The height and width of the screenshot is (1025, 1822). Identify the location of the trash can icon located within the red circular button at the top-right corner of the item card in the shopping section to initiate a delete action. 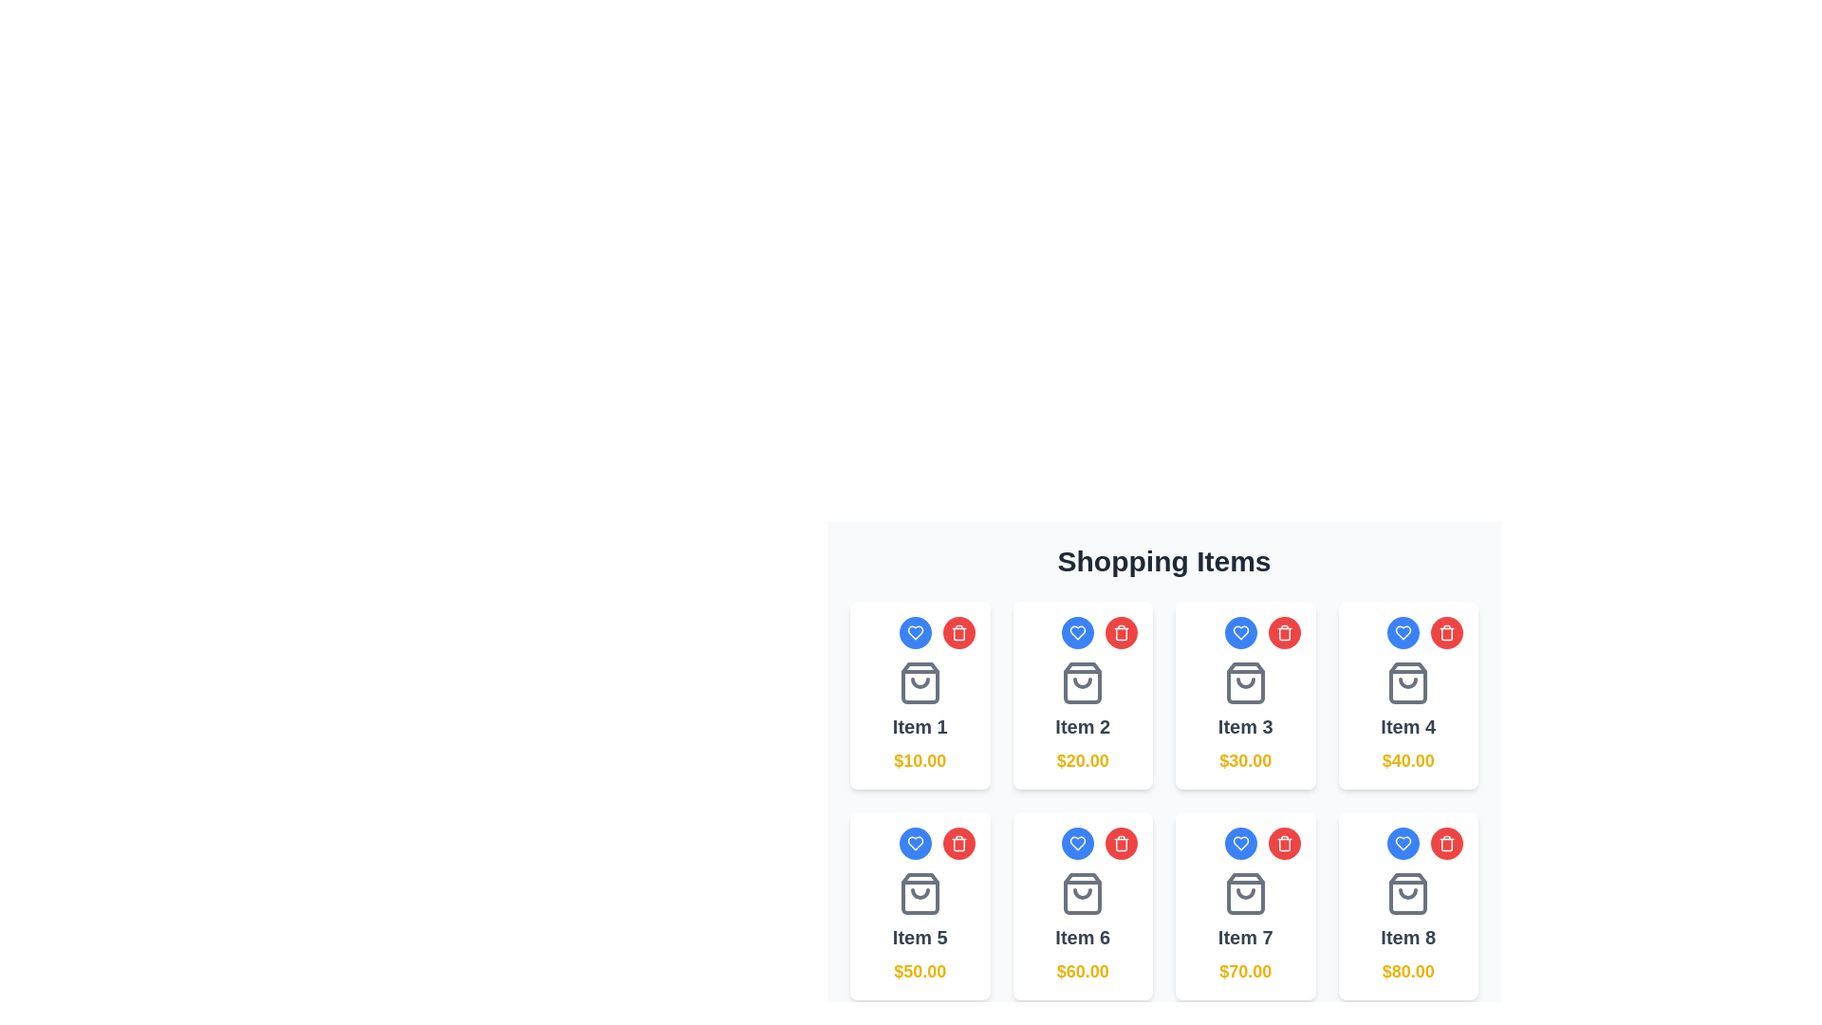
(1121, 633).